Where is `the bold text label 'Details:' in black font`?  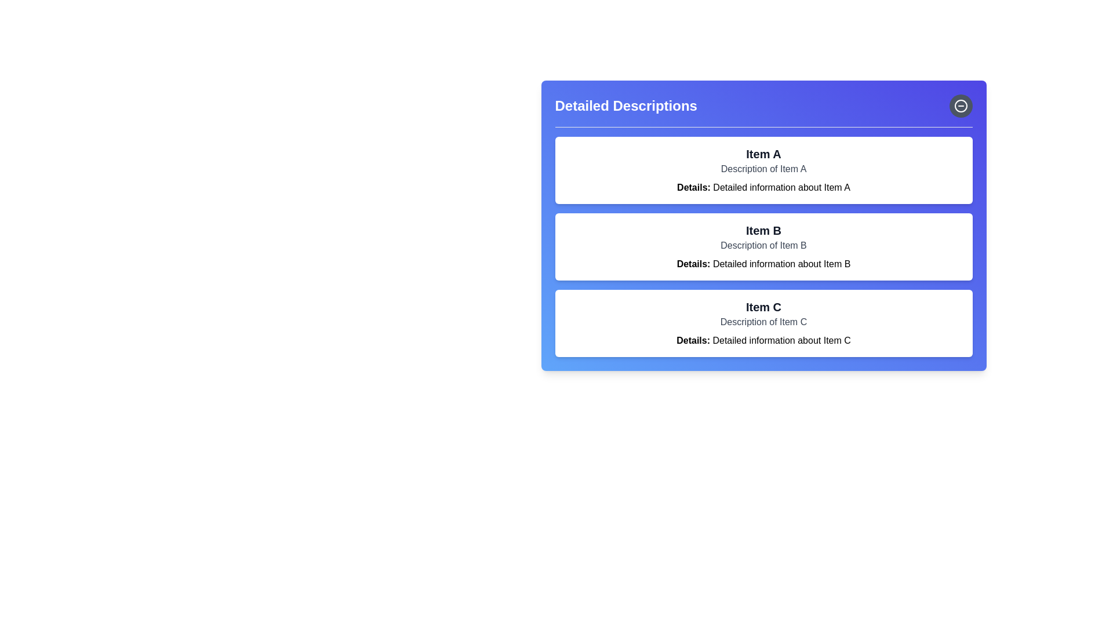
the bold text label 'Details:' in black font is located at coordinates (693, 340).